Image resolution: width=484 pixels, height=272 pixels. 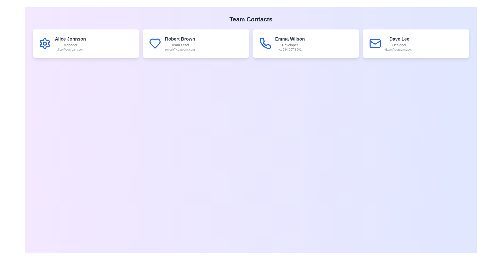 I want to click on the text label that provides additional role information about 'Robert Brown', positioned below his title and above his email, so click(x=180, y=45).